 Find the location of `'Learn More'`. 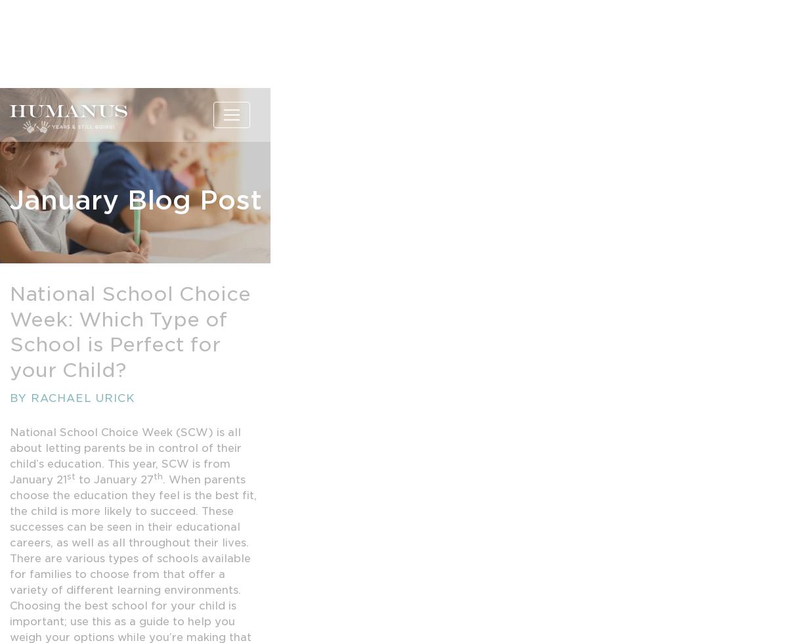

'Learn More' is located at coordinates (135, 59).